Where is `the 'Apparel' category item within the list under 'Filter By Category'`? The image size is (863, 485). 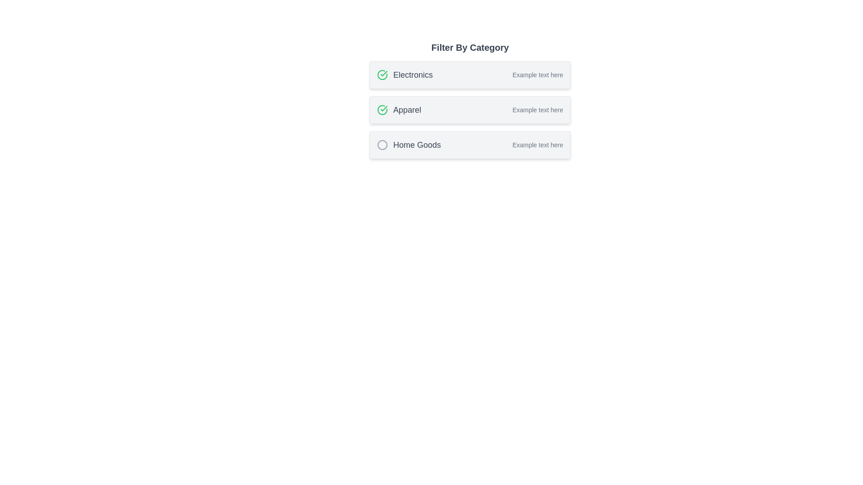
the 'Apparel' category item within the list under 'Filter By Category' is located at coordinates (470, 110).